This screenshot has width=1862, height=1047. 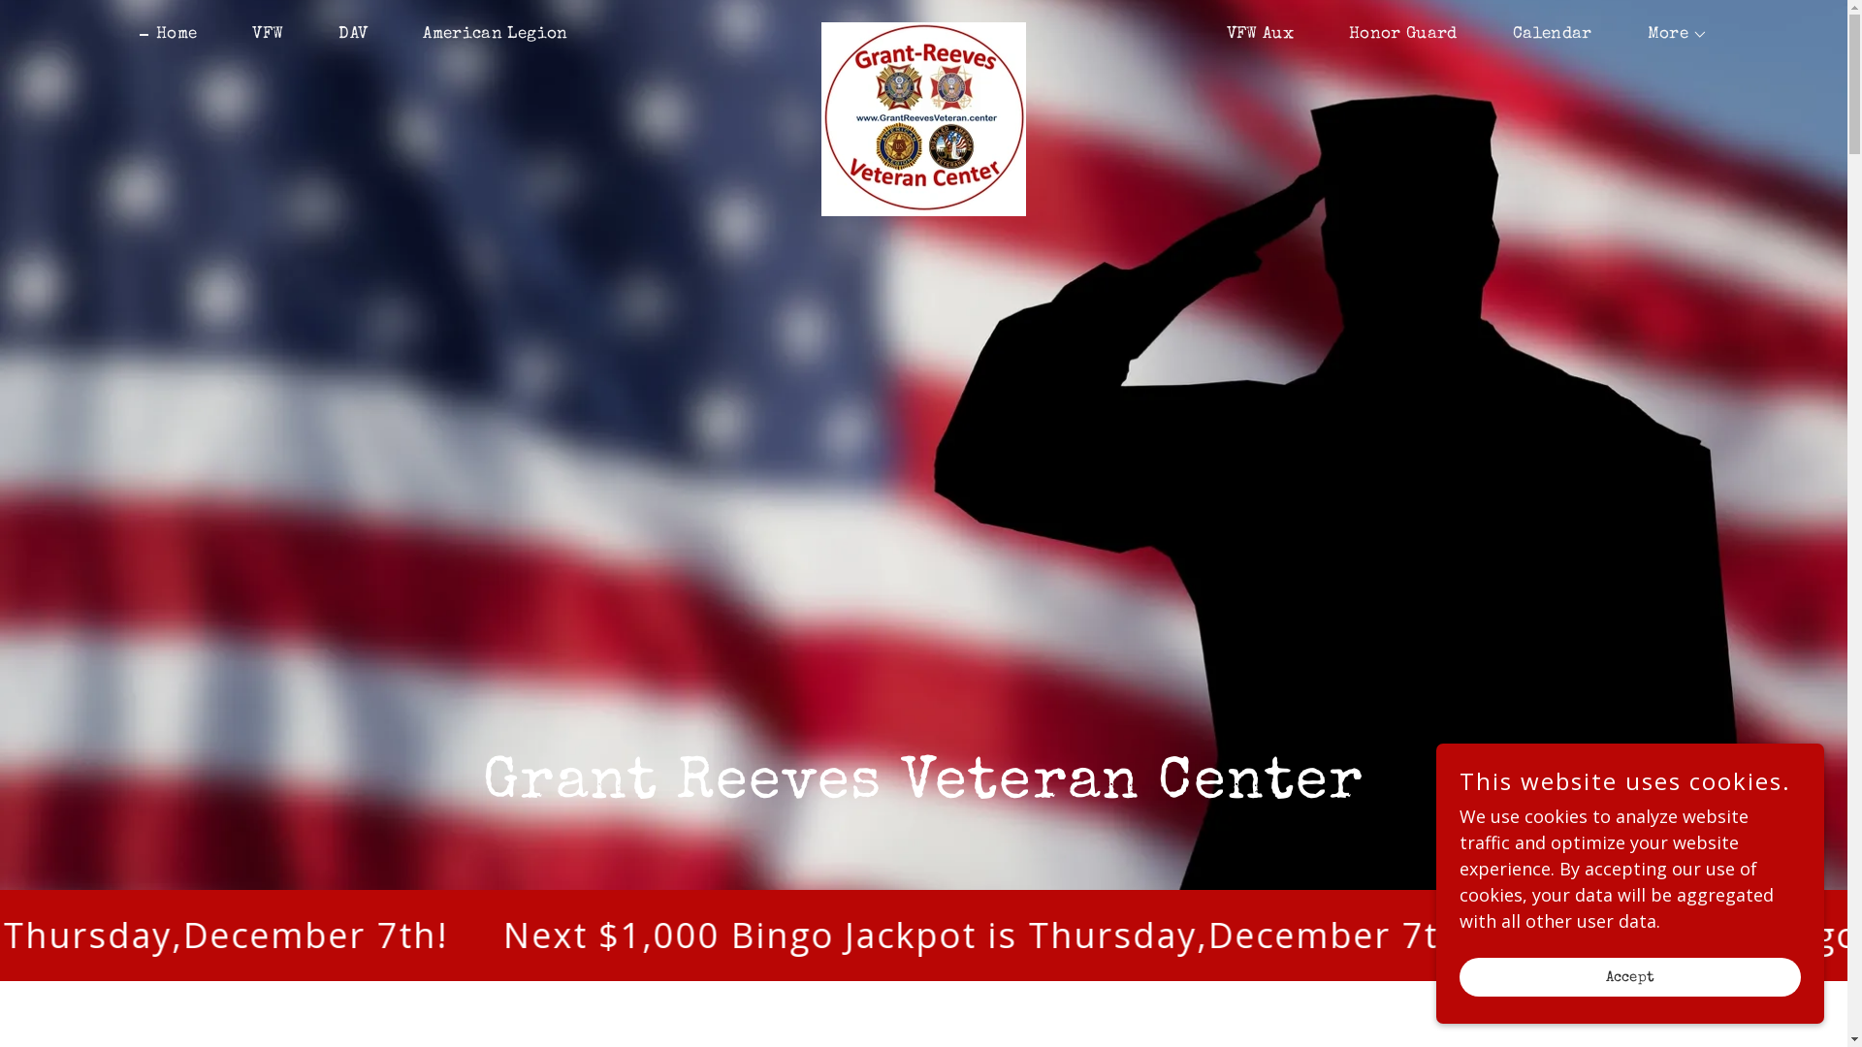 What do you see at coordinates (344, 34) in the screenshot?
I see `'DAV'` at bounding box center [344, 34].